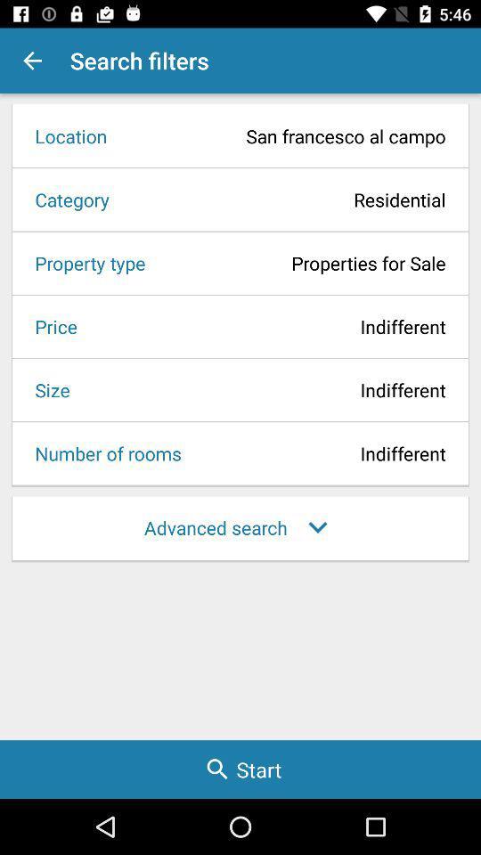 This screenshot has height=855, width=481. Describe the element at coordinates (46, 389) in the screenshot. I see `the icon to the left of the indifferent icon` at that location.